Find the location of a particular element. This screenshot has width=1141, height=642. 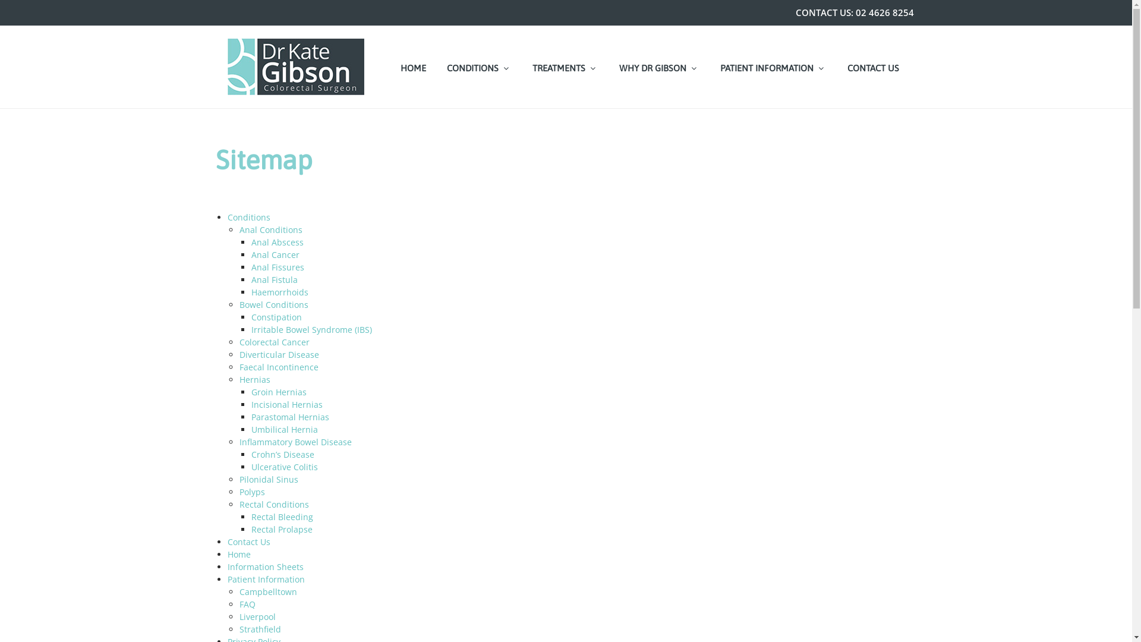

'Pilonidal Sinus' is located at coordinates (267, 479).